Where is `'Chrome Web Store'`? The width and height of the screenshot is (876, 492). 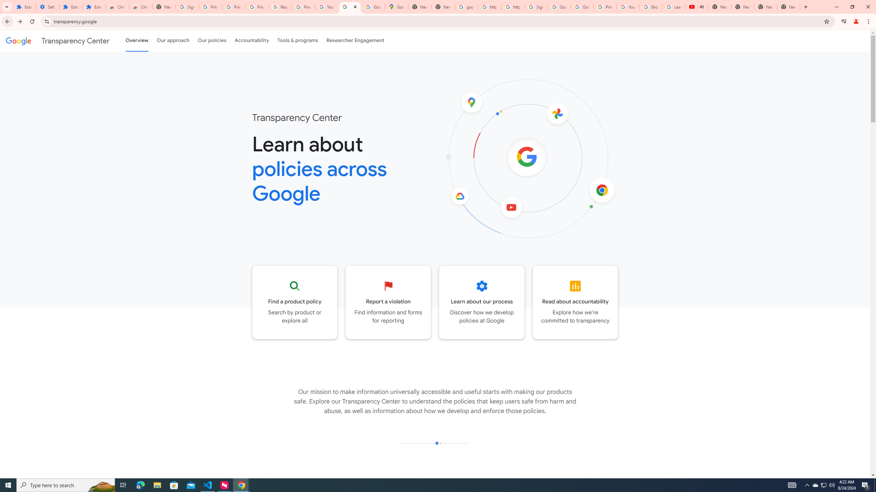 'Chrome Web Store' is located at coordinates (117, 6).